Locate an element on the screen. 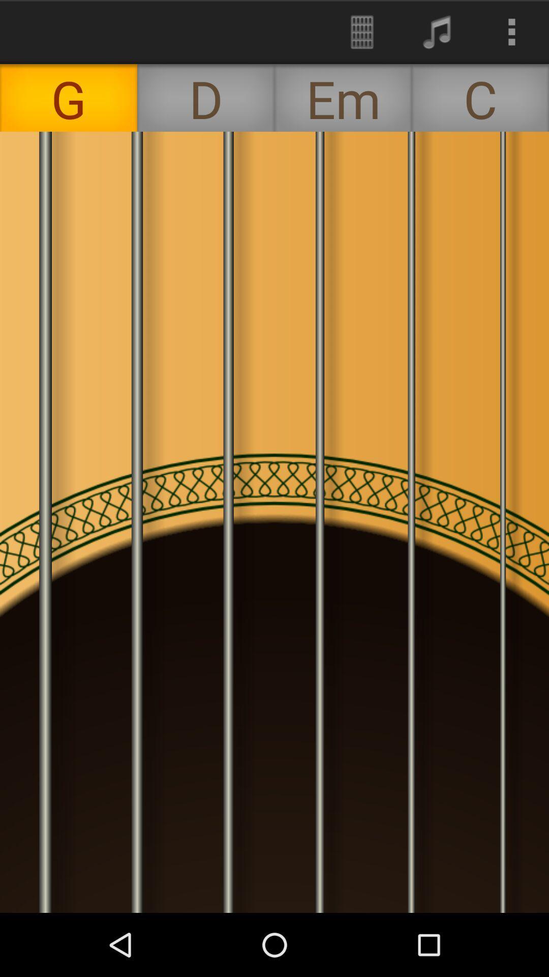  the icon next to c icon is located at coordinates (343, 98).